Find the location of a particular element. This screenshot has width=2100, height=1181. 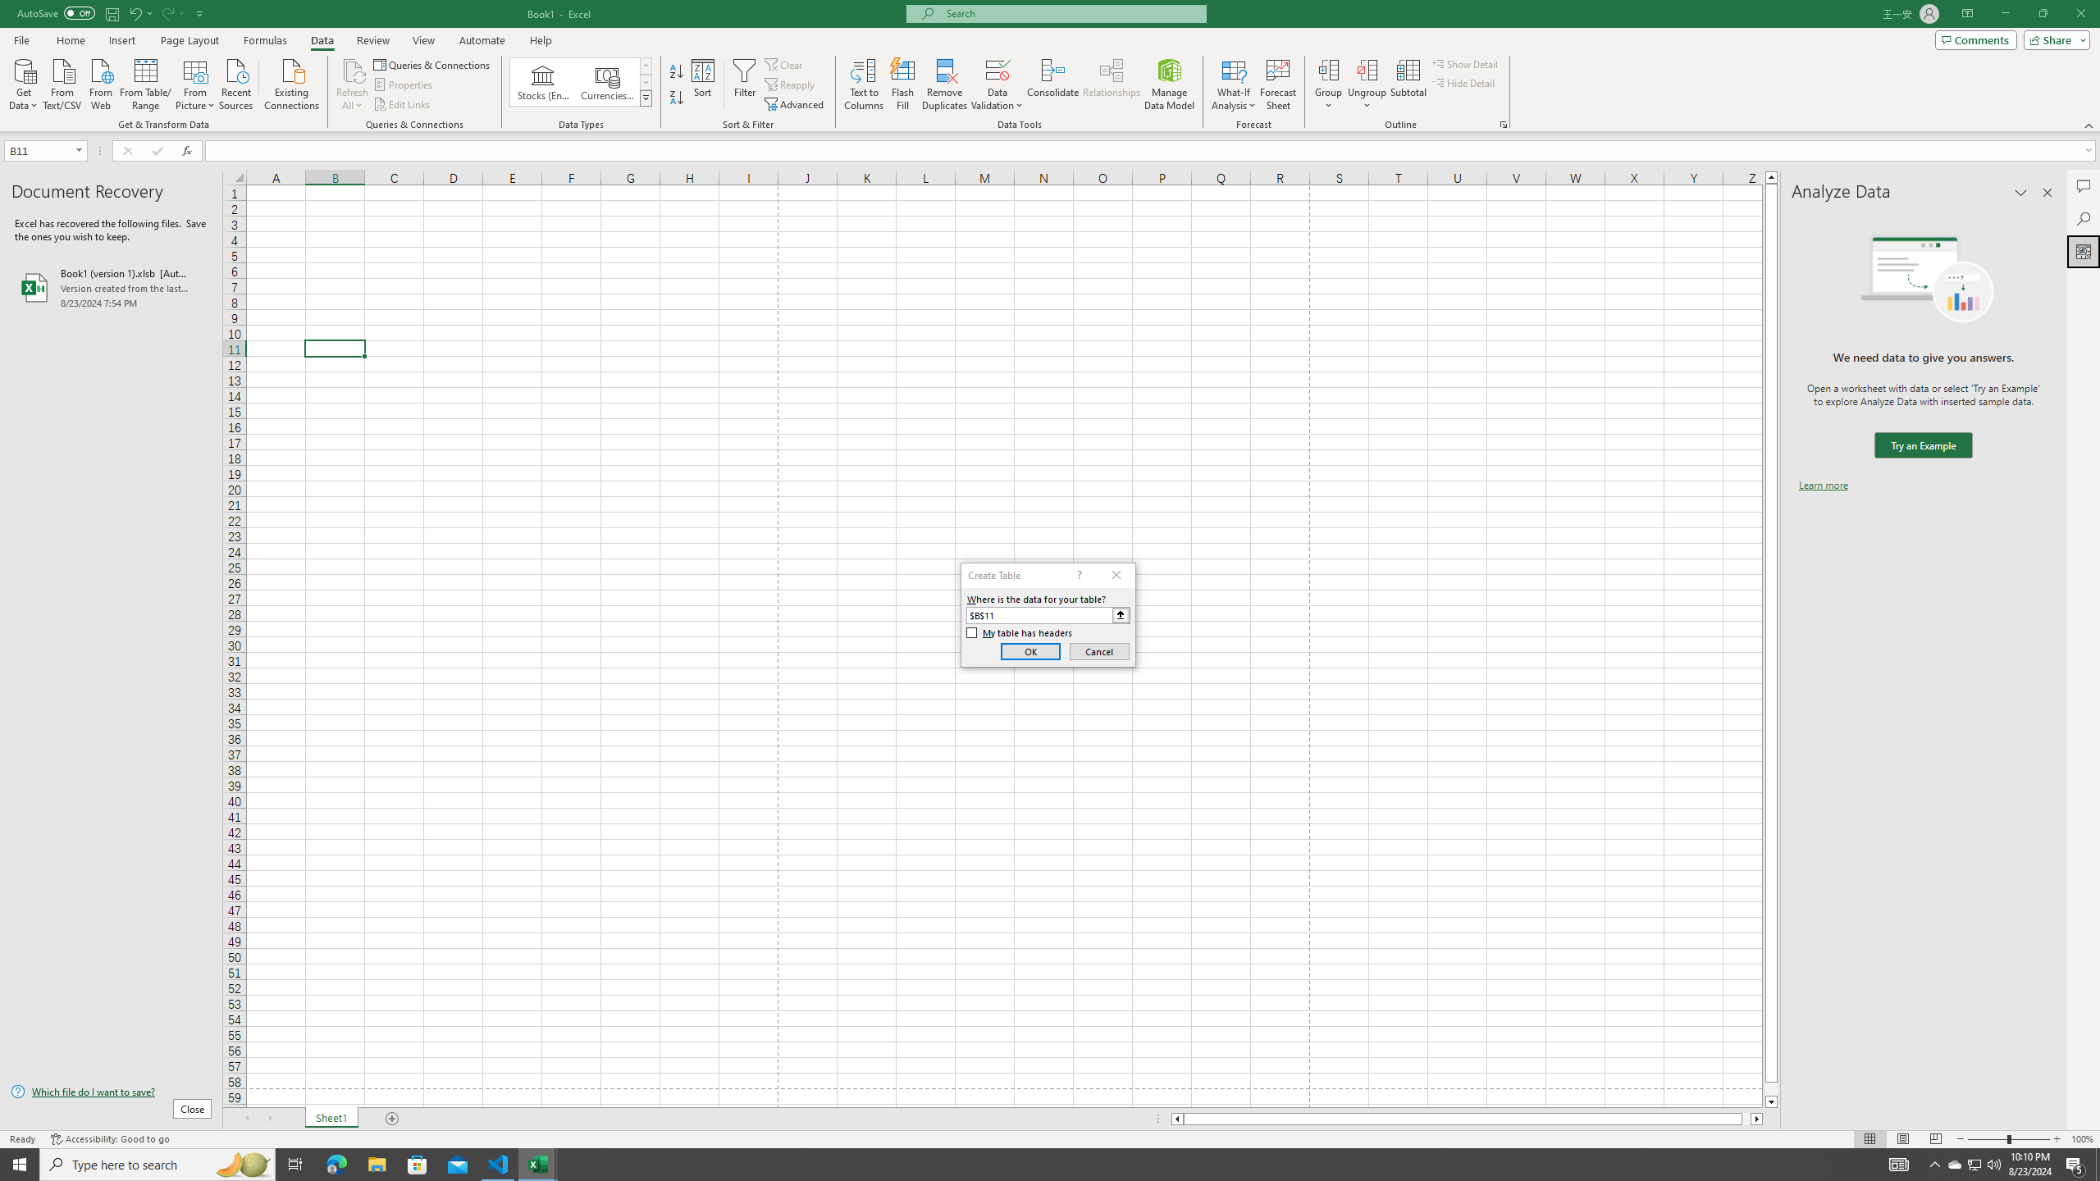

'Automate' is located at coordinates (482, 40).